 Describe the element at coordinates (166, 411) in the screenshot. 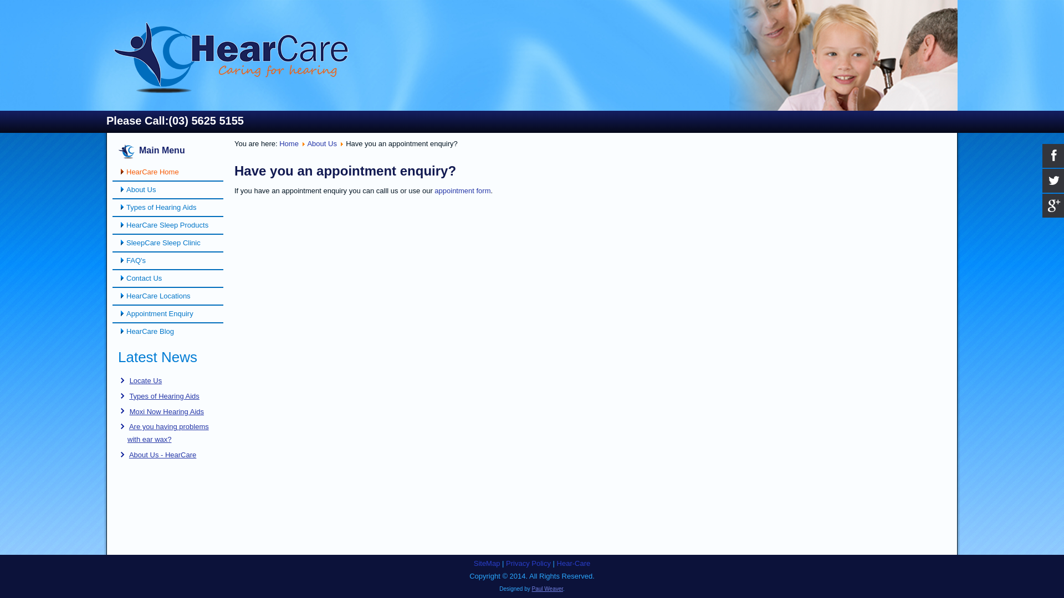

I see `'Moxi Now Hearing Aids'` at that location.